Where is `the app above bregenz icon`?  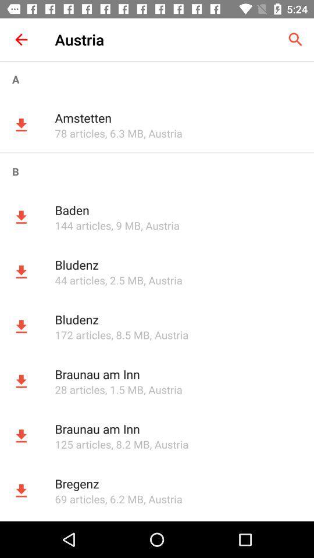
the app above bregenz icon is located at coordinates (82, 443).